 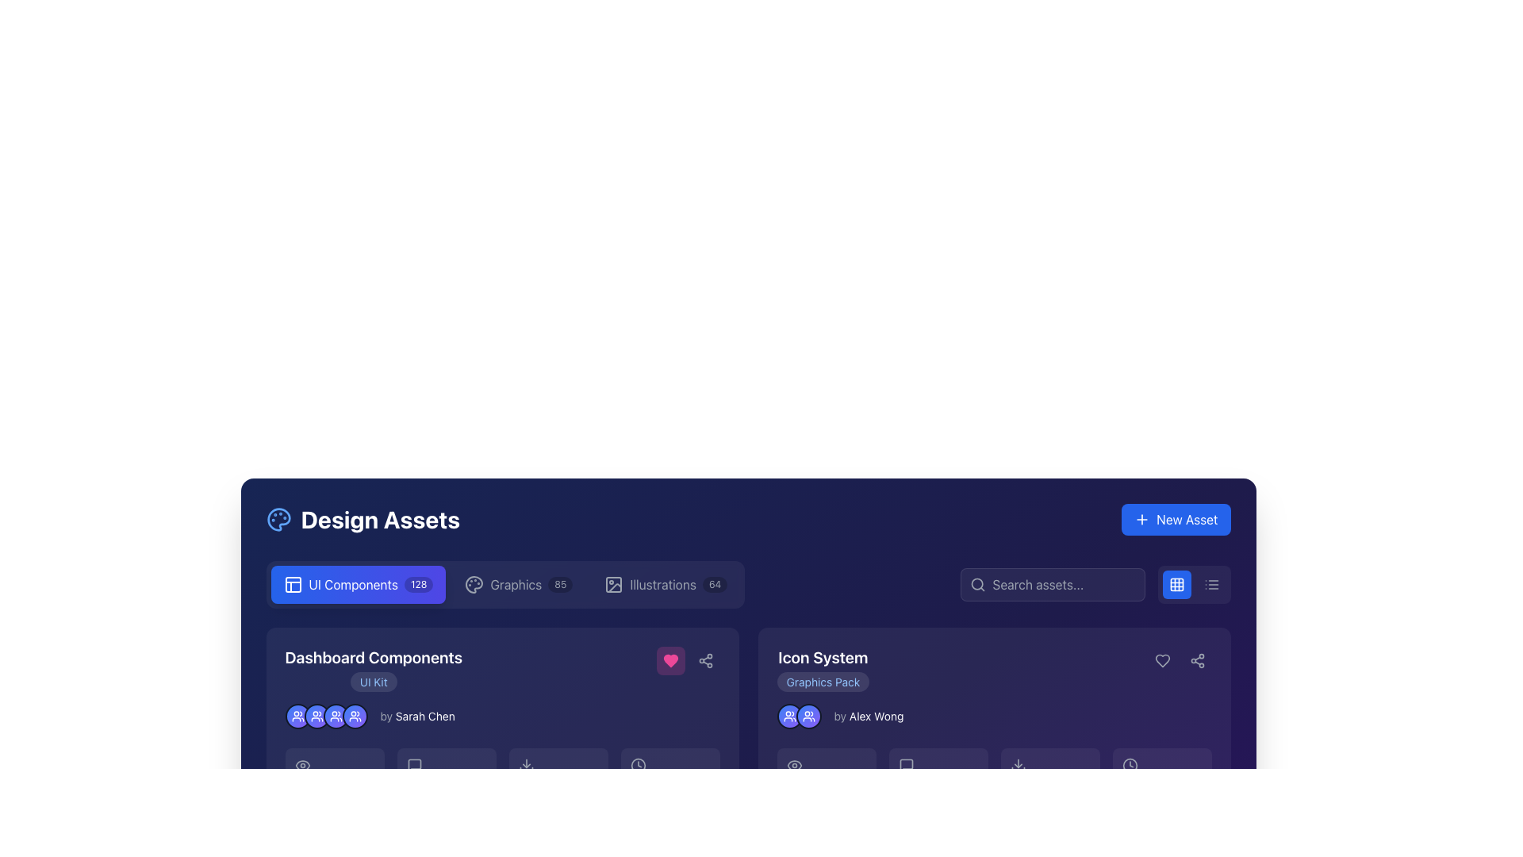 I want to click on the heart icon button, which serves as a 'like' or 'favorite' indicator, so click(x=1162, y=661).